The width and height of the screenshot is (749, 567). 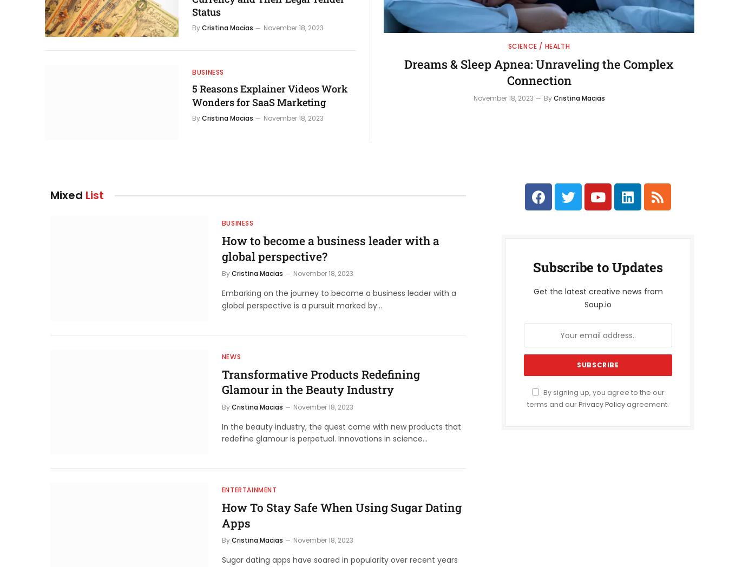 What do you see at coordinates (646, 404) in the screenshot?
I see `'agreement.'` at bounding box center [646, 404].